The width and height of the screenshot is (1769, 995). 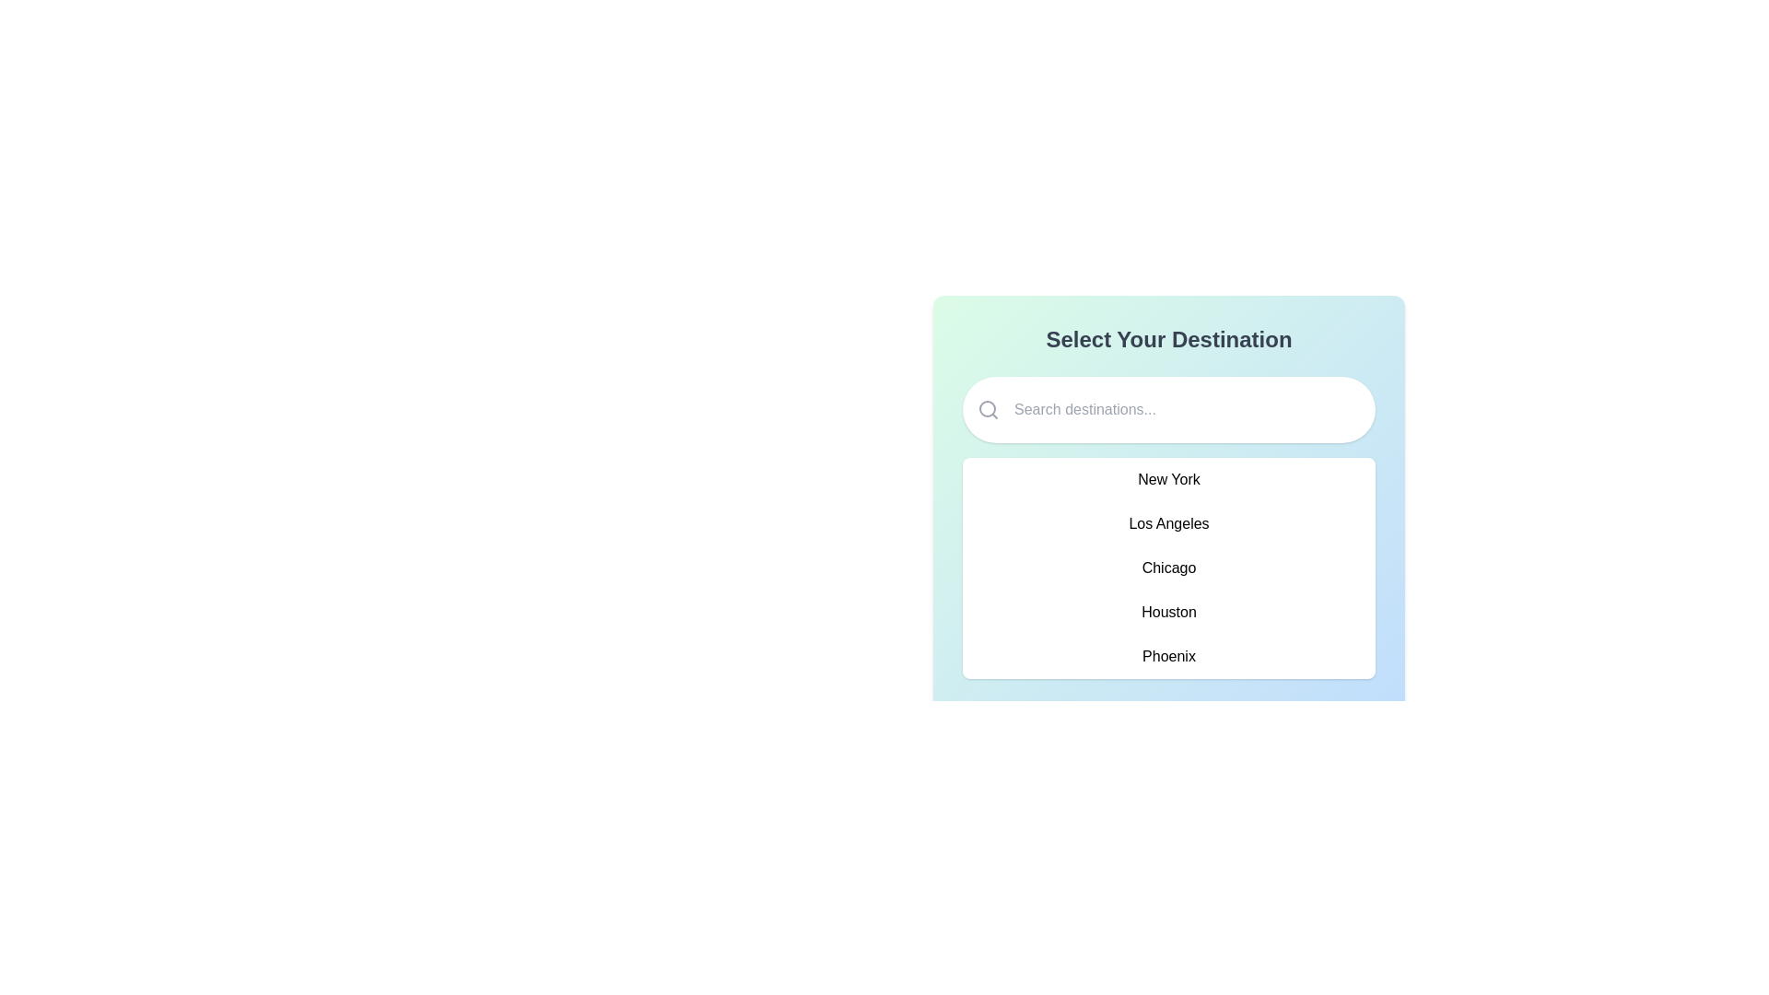 I want to click on the selectable list item labeled 'Houston', so click(x=1167, y=612).